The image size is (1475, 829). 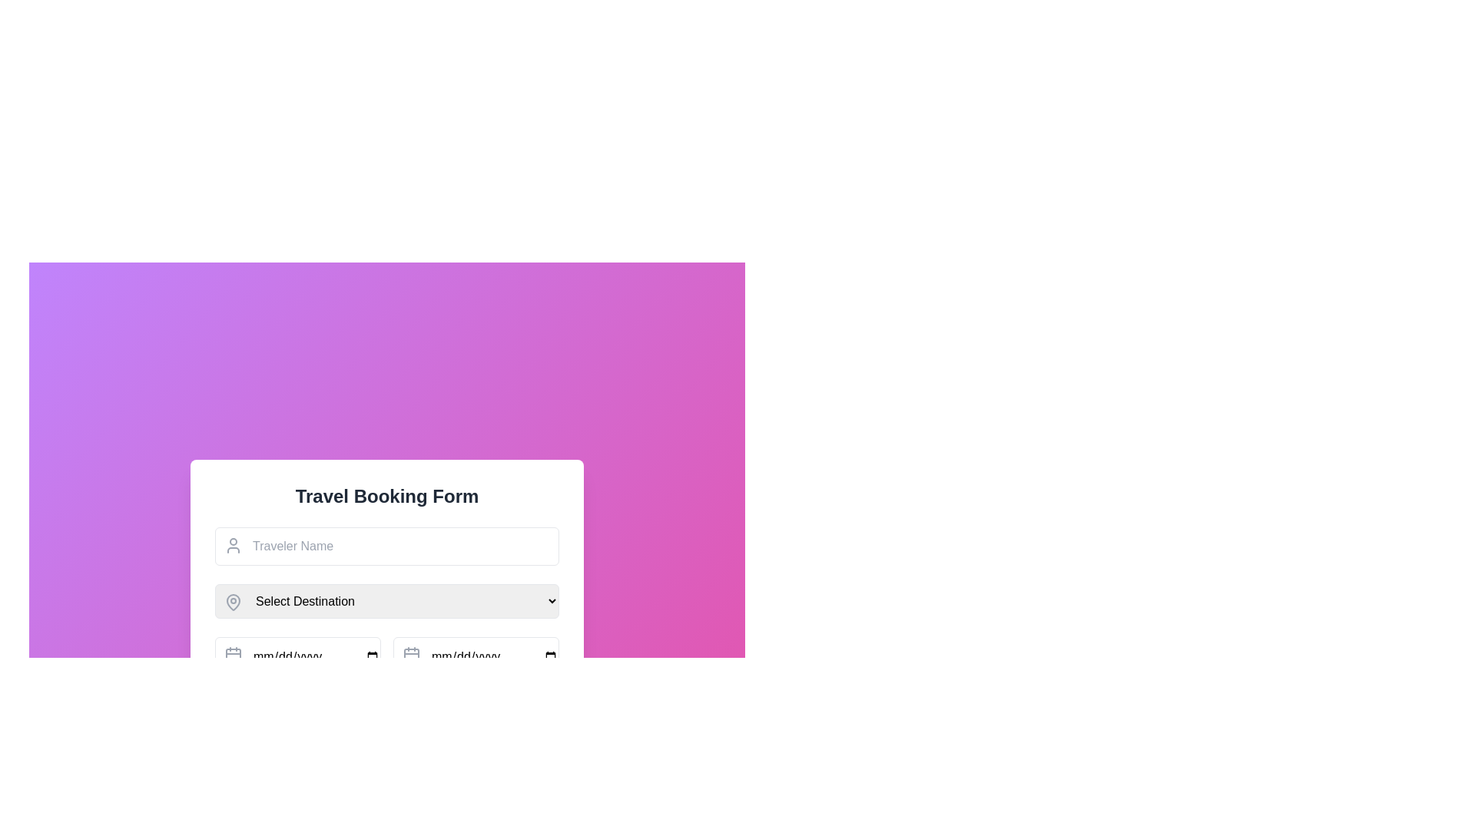 What do you see at coordinates (387, 497) in the screenshot?
I see `the Header text element, which serves as the title of the form section, providing context for the contents below it` at bounding box center [387, 497].